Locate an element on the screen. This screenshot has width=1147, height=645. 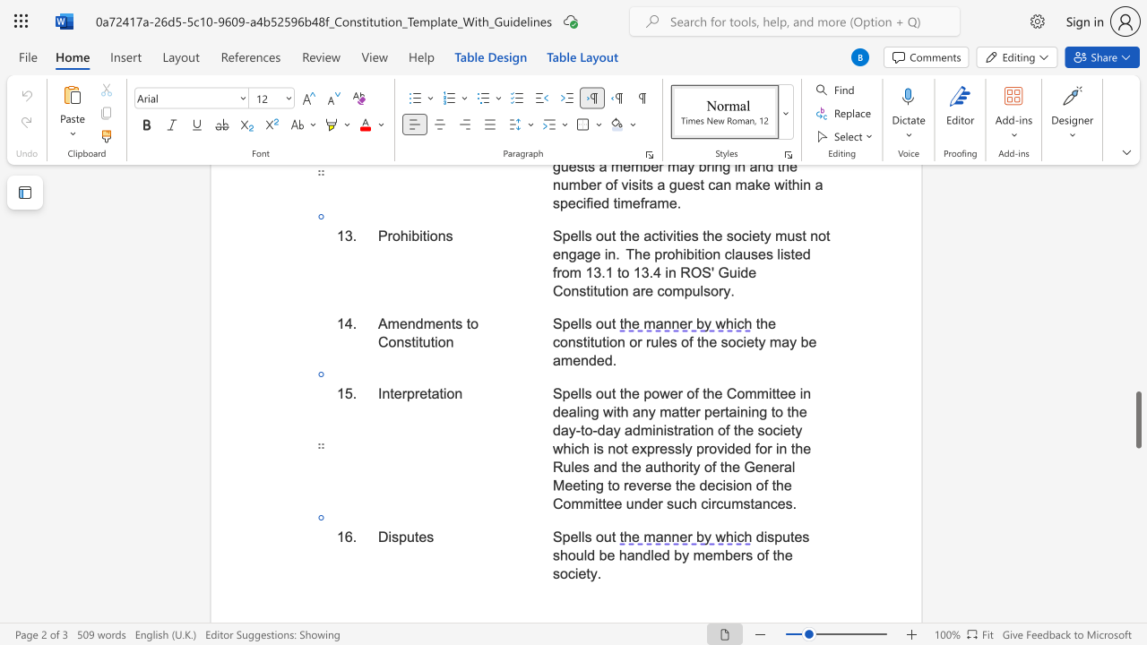
the 1th character "t" in the text is located at coordinates (391, 392).